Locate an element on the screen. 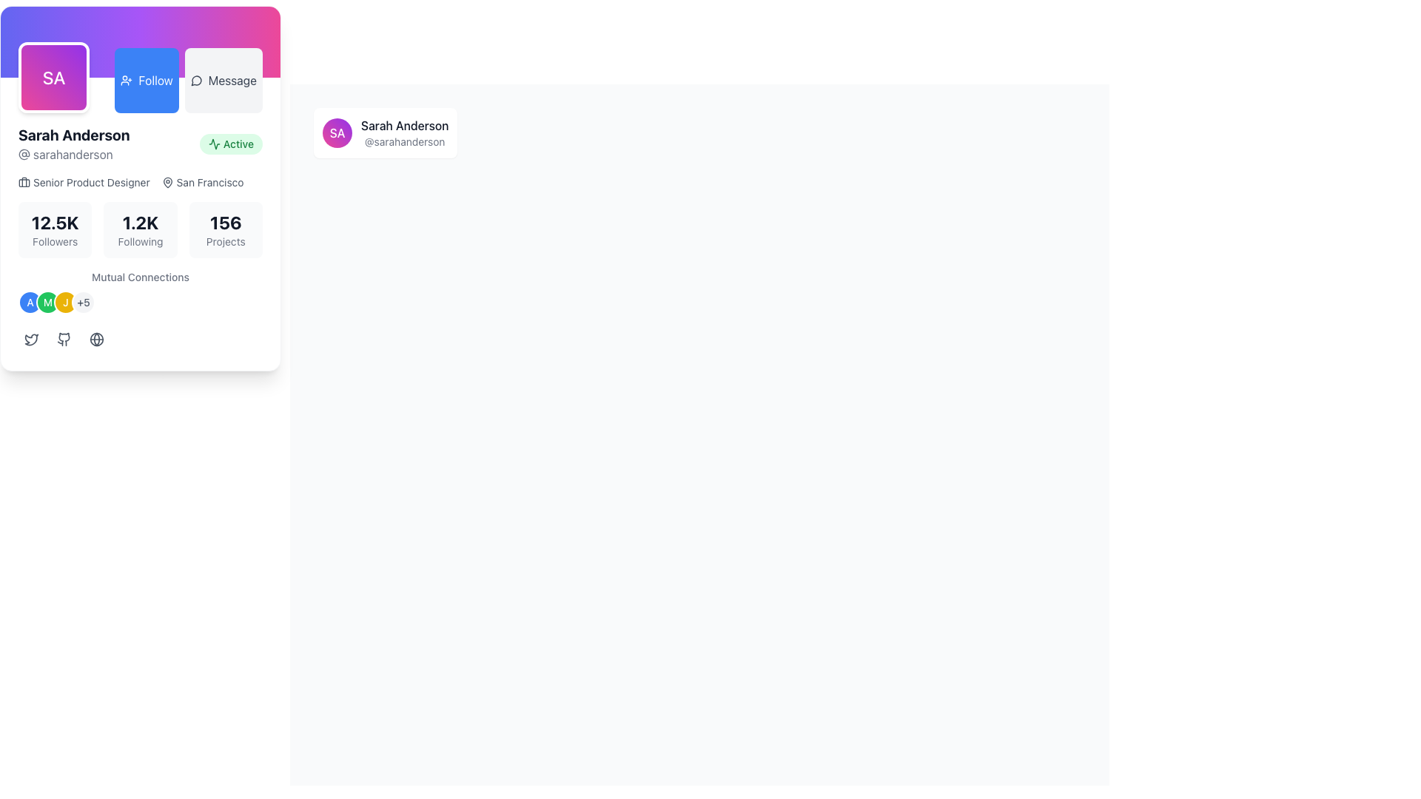  the Text Label that describes the number of followers, located directly under the '12.5K' numeric text is located at coordinates (55, 241).